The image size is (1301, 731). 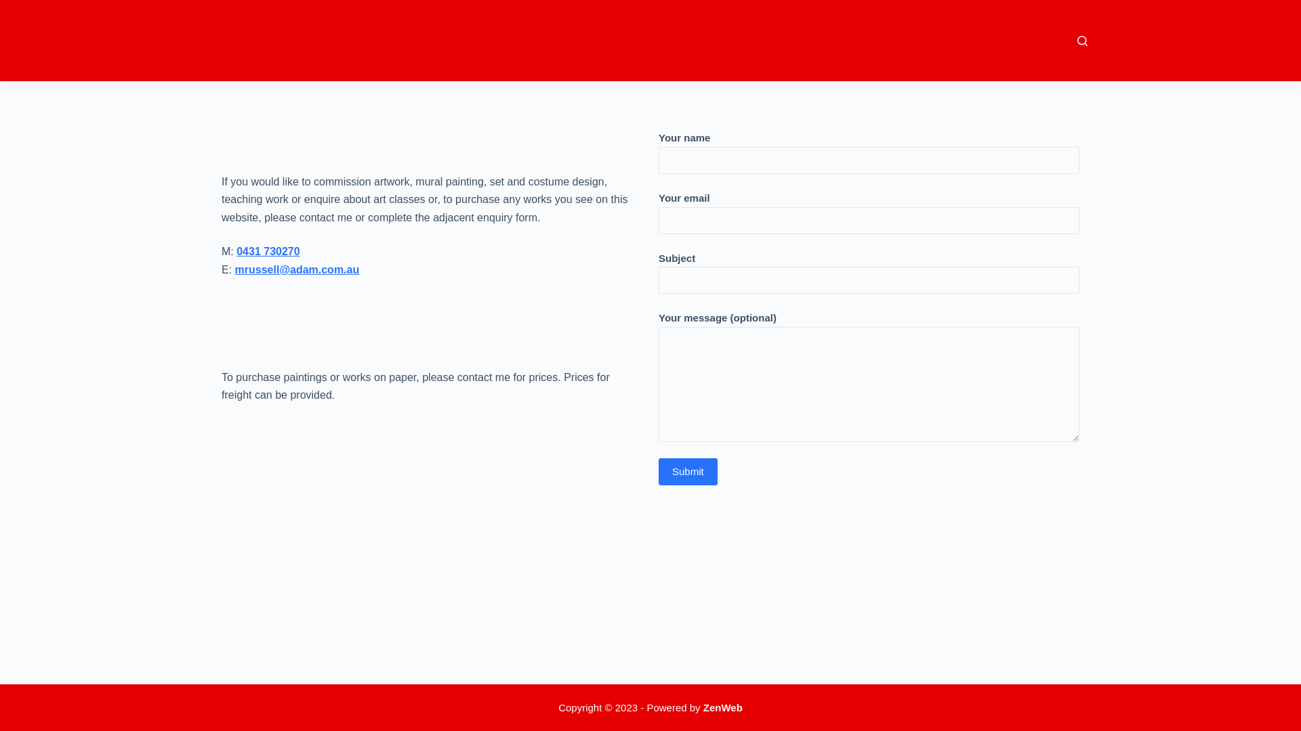 What do you see at coordinates (688, 471) in the screenshot?
I see `'Submit'` at bounding box center [688, 471].